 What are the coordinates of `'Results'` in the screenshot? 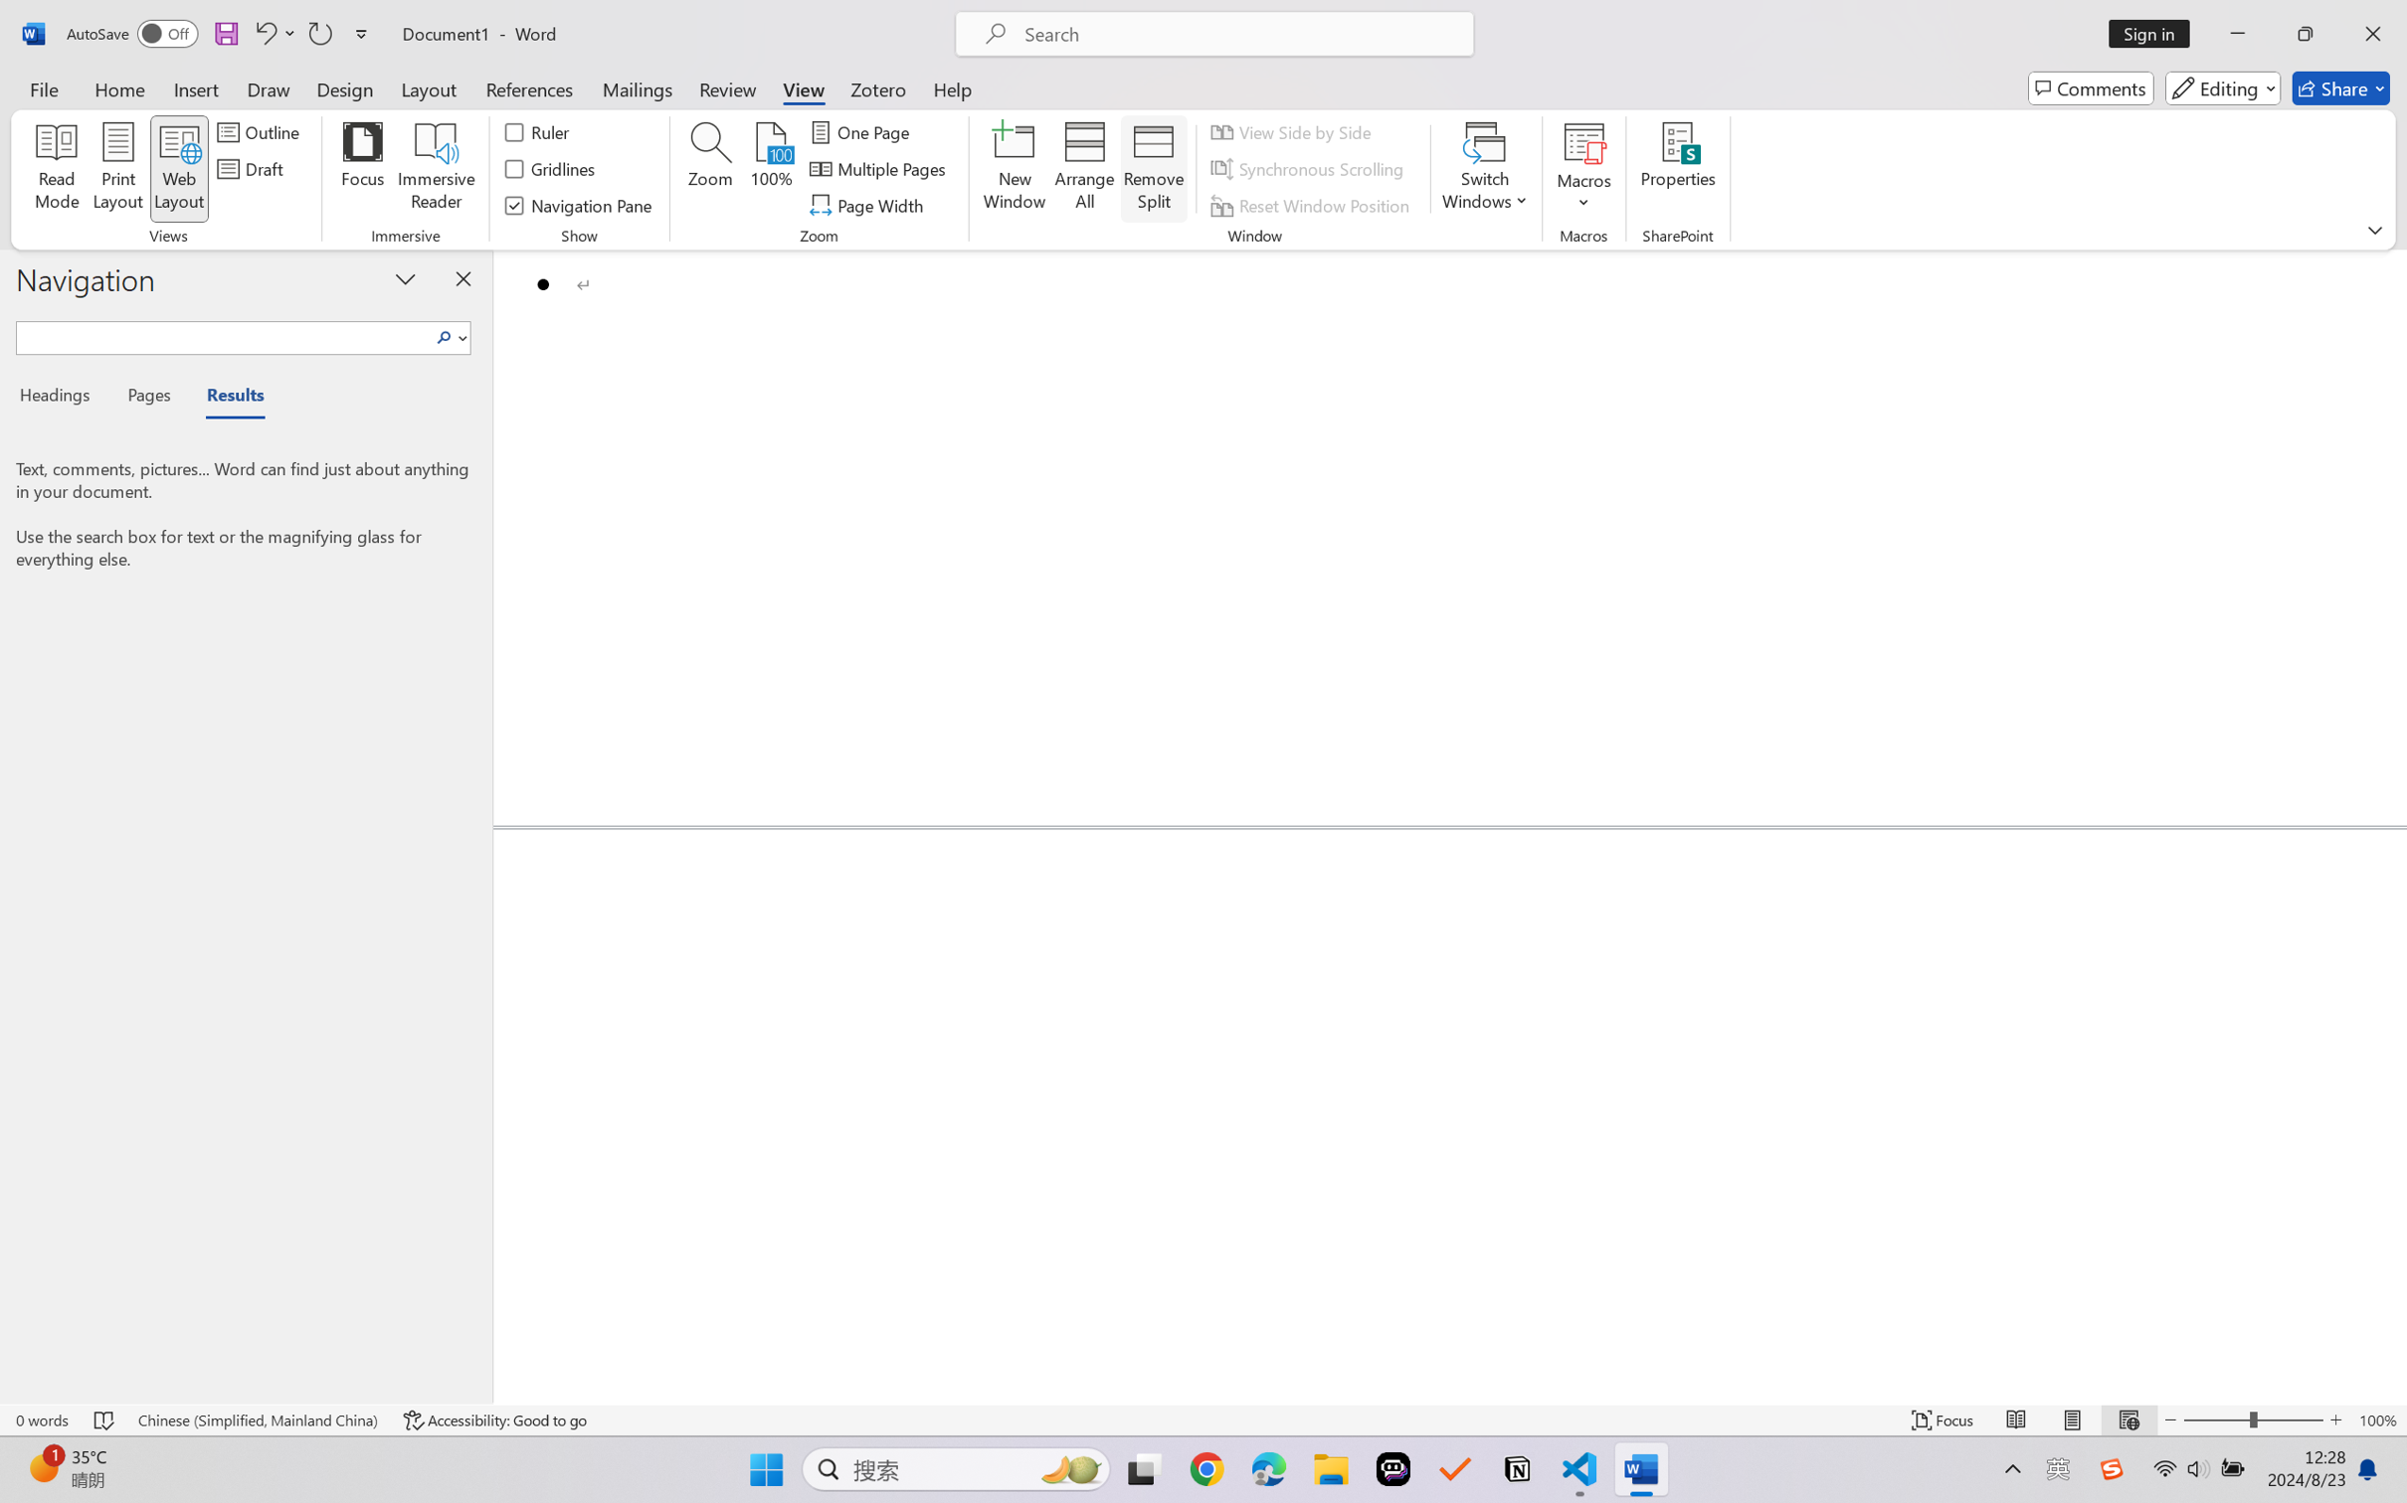 It's located at (225, 399).